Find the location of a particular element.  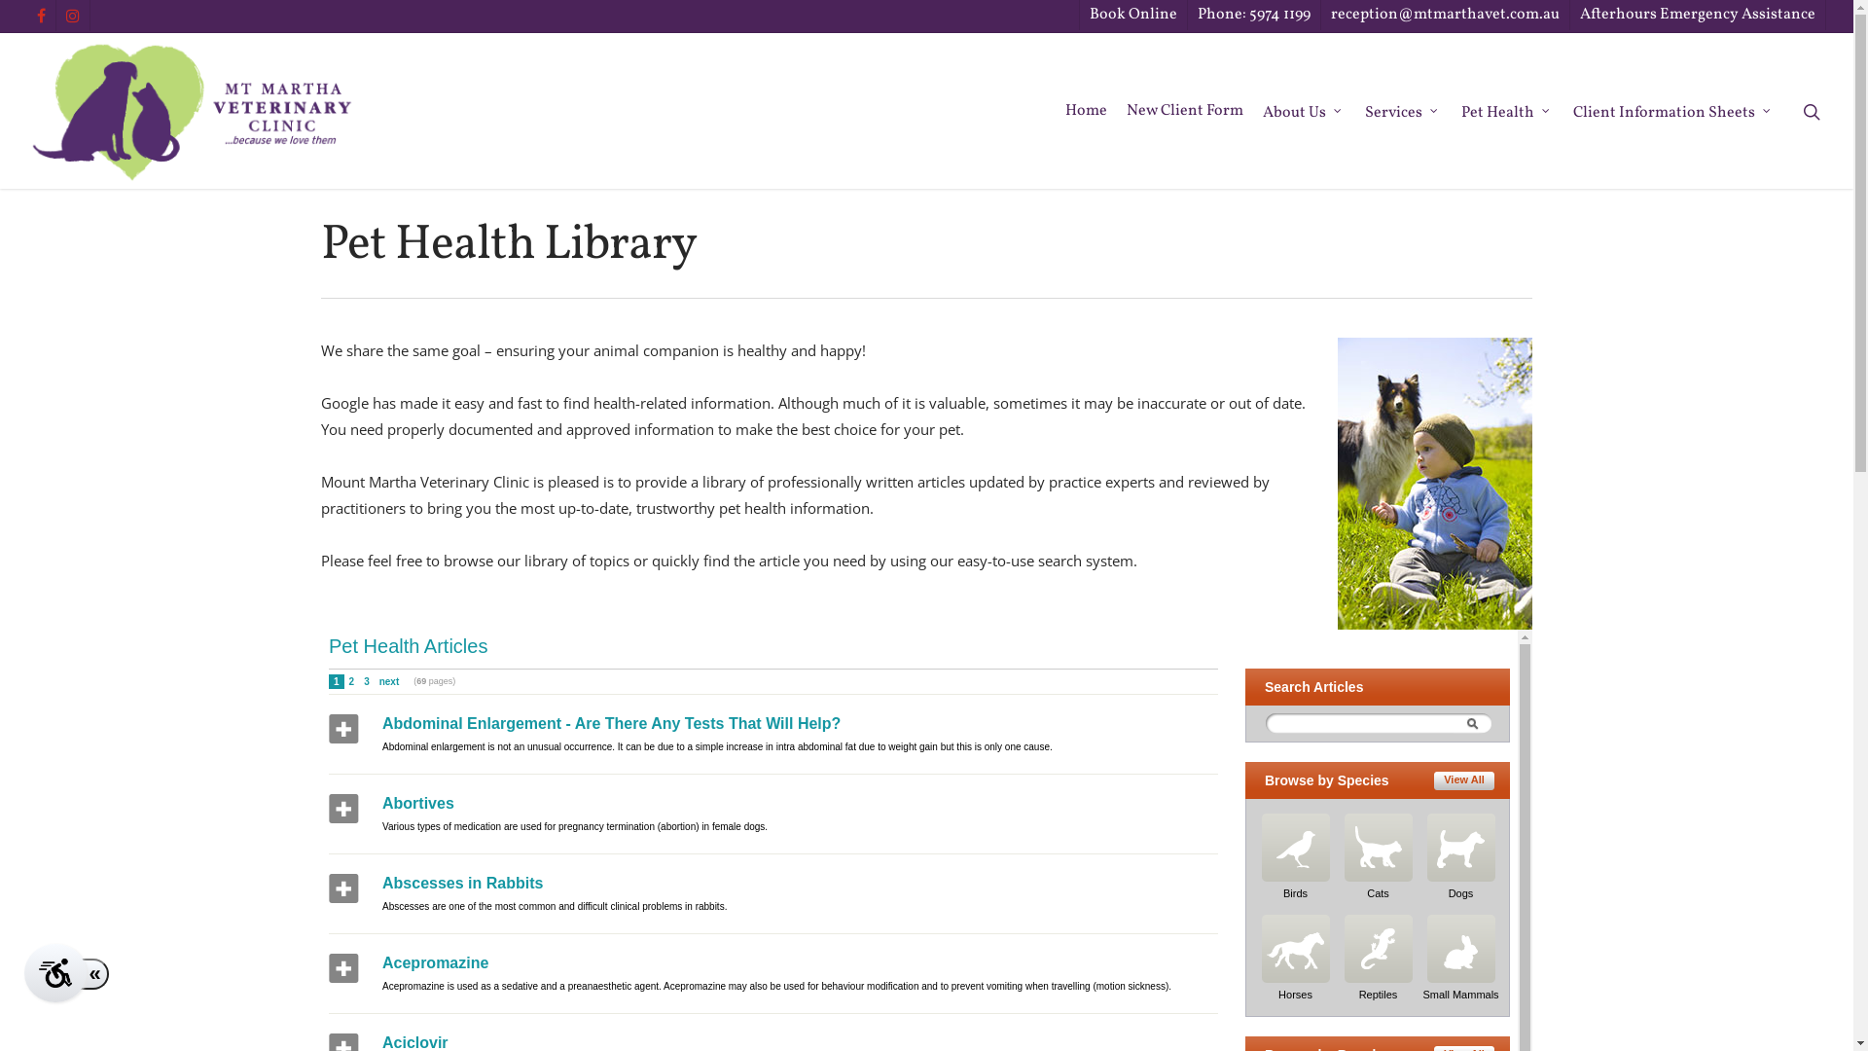

'Book Online' is located at coordinates (1132, 15).